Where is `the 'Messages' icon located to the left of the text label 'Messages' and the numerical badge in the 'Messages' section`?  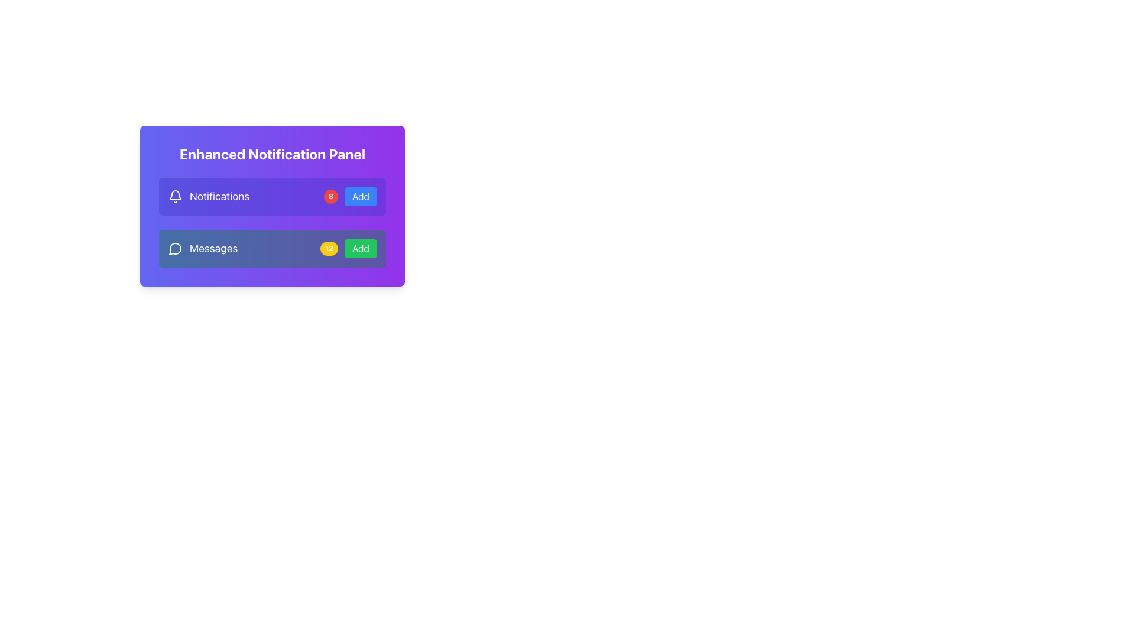
the 'Messages' icon located to the left of the text label 'Messages' and the numerical badge in the 'Messages' section is located at coordinates (175, 248).